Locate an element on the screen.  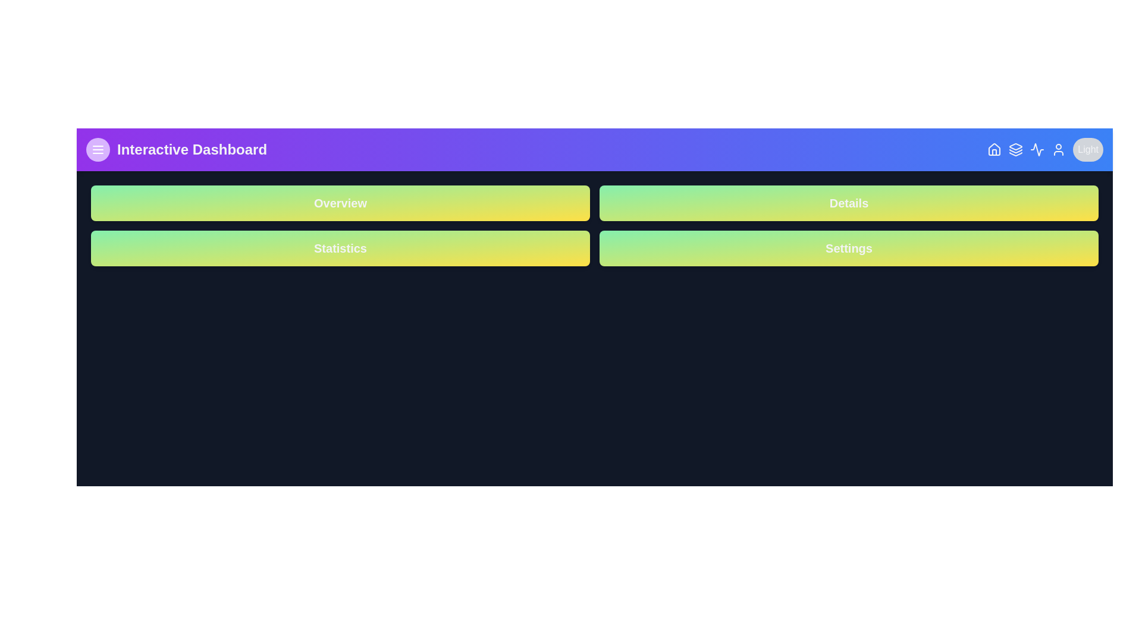
the button to navigate to the Statistics section is located at coordinates (340, 247).